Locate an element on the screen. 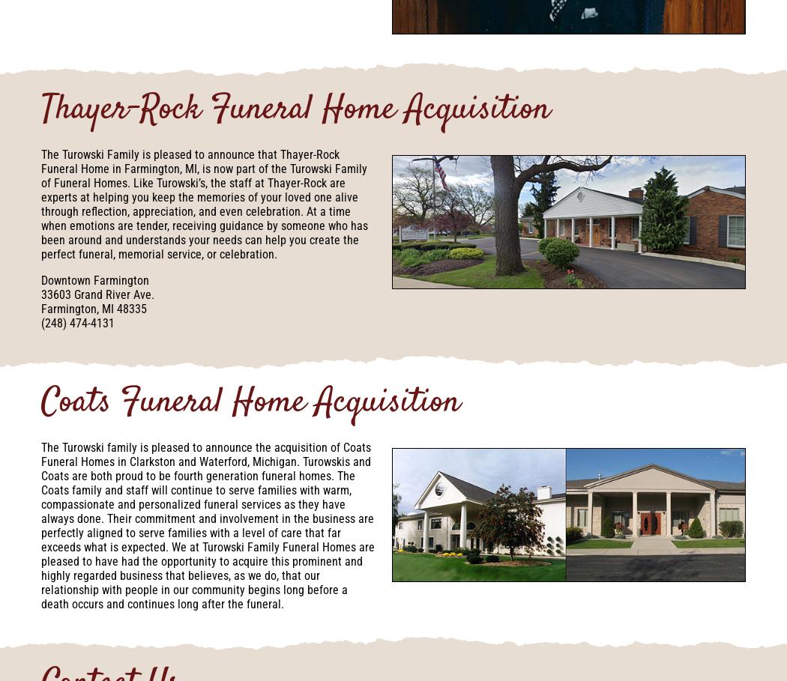  ',' is located at coordinates (98, 309).